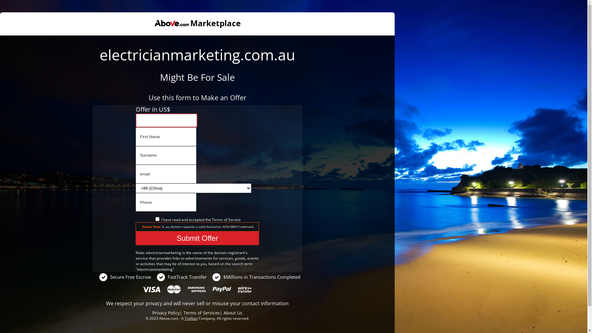  Describe the element at coordinates (217, 219) in the screenshot. I see `'Terms'` at that location.